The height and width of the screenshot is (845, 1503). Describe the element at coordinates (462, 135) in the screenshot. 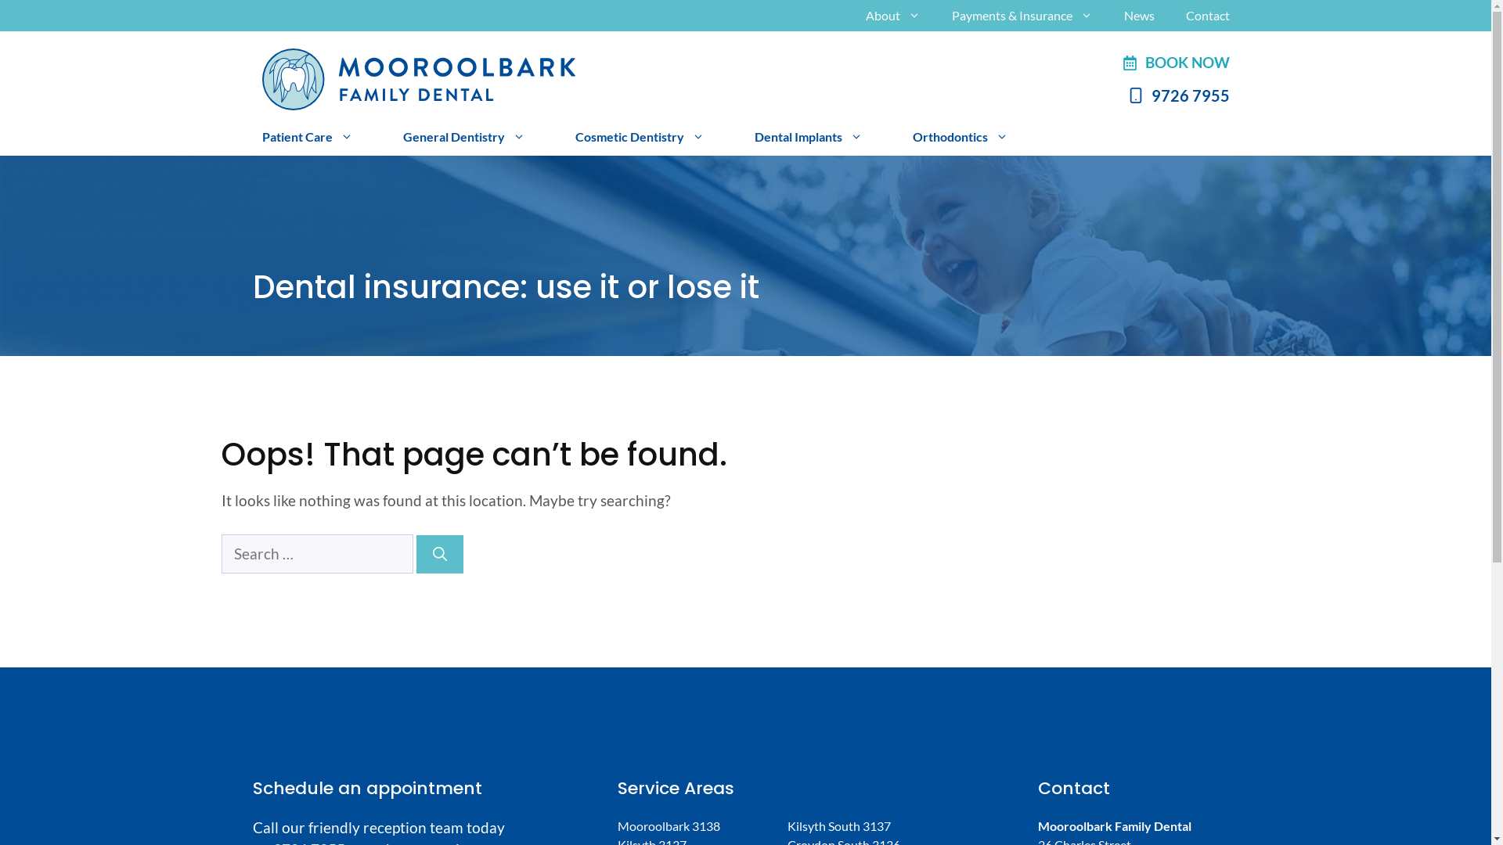

I see `'General Dentistry'` at that location.